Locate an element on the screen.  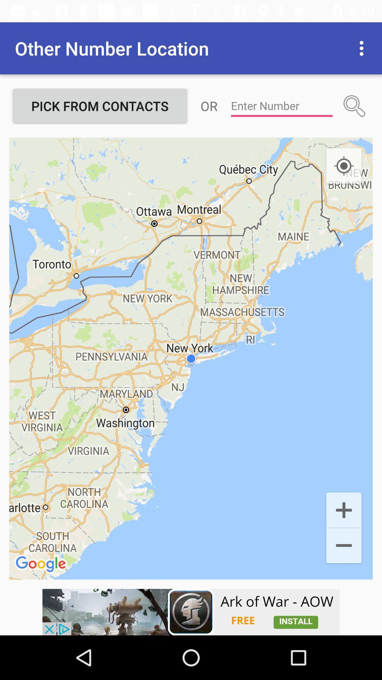
number box for searing is located at coordinates (281, 106).